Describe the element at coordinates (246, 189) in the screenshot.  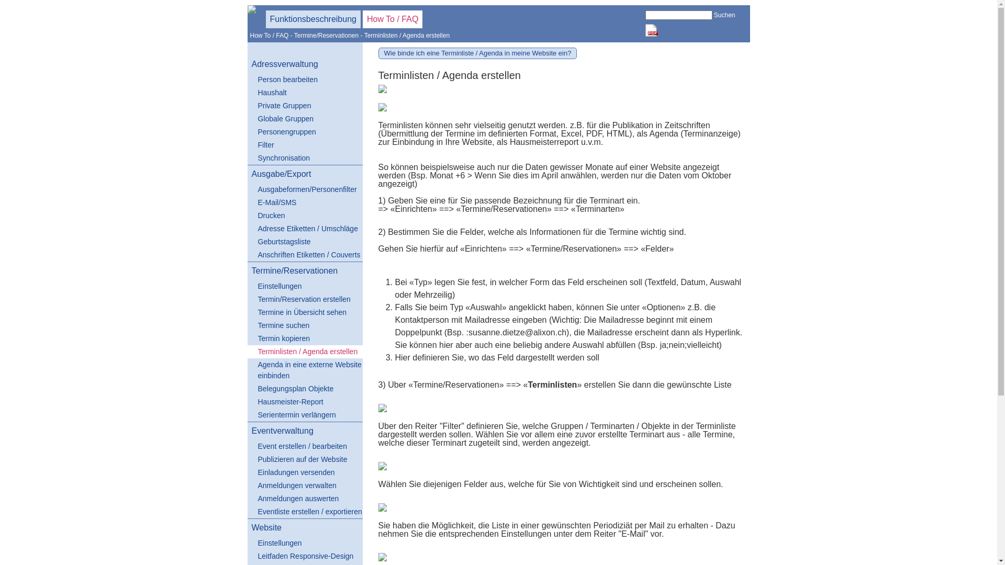
I see `'Ausgabeformen/Personenfilter'` at that location.